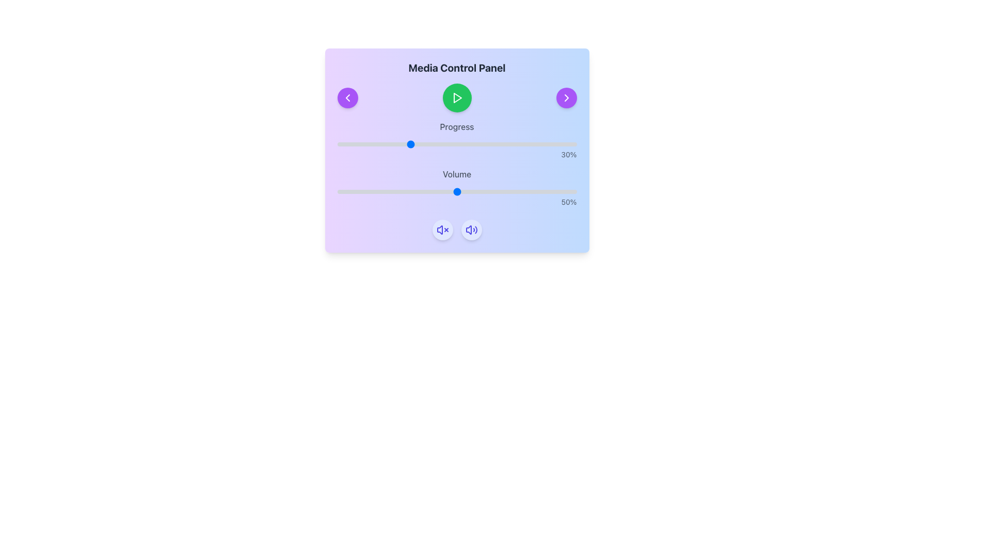  Describe the element at coordinates (456, 140) in the screenshot. I see `progress percentage displayed on the central progress bar of the 'Media Control Panel' which indicates the current playback position` at that location.